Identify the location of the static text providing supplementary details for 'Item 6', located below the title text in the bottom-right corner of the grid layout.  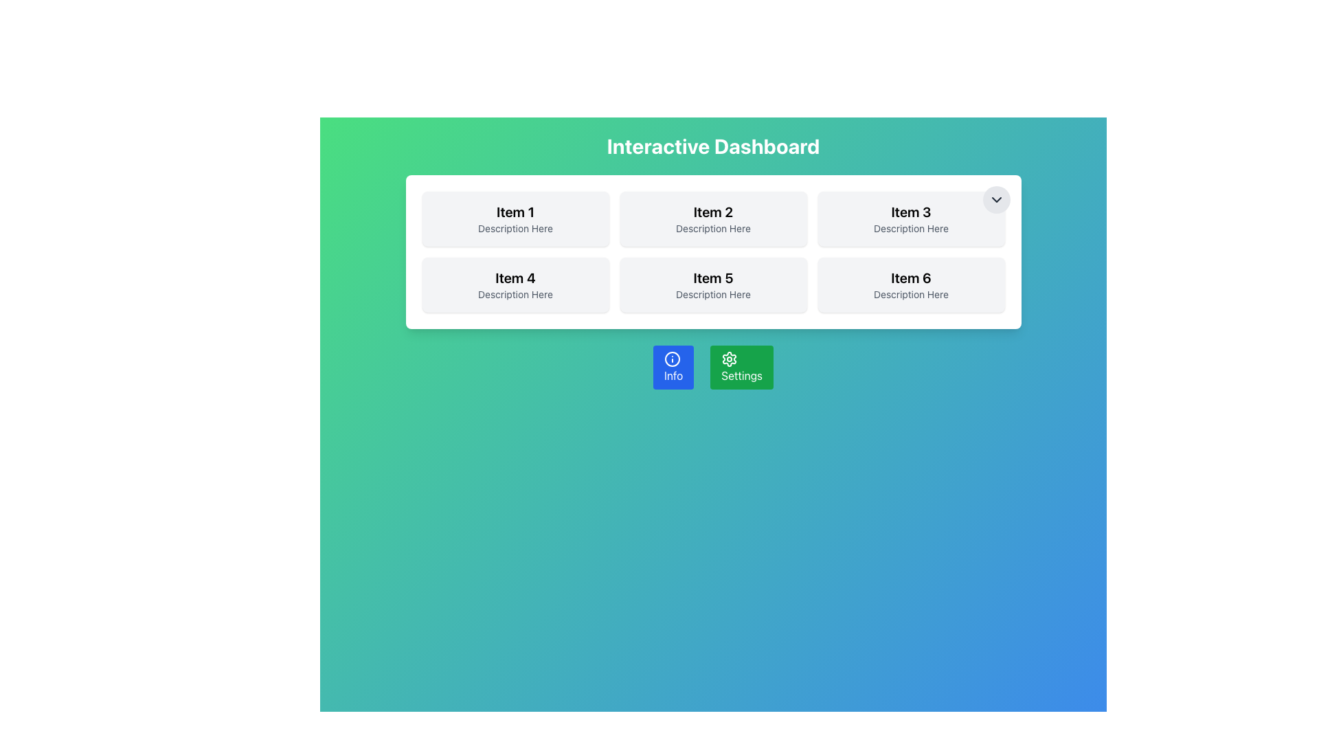
(911, 293).